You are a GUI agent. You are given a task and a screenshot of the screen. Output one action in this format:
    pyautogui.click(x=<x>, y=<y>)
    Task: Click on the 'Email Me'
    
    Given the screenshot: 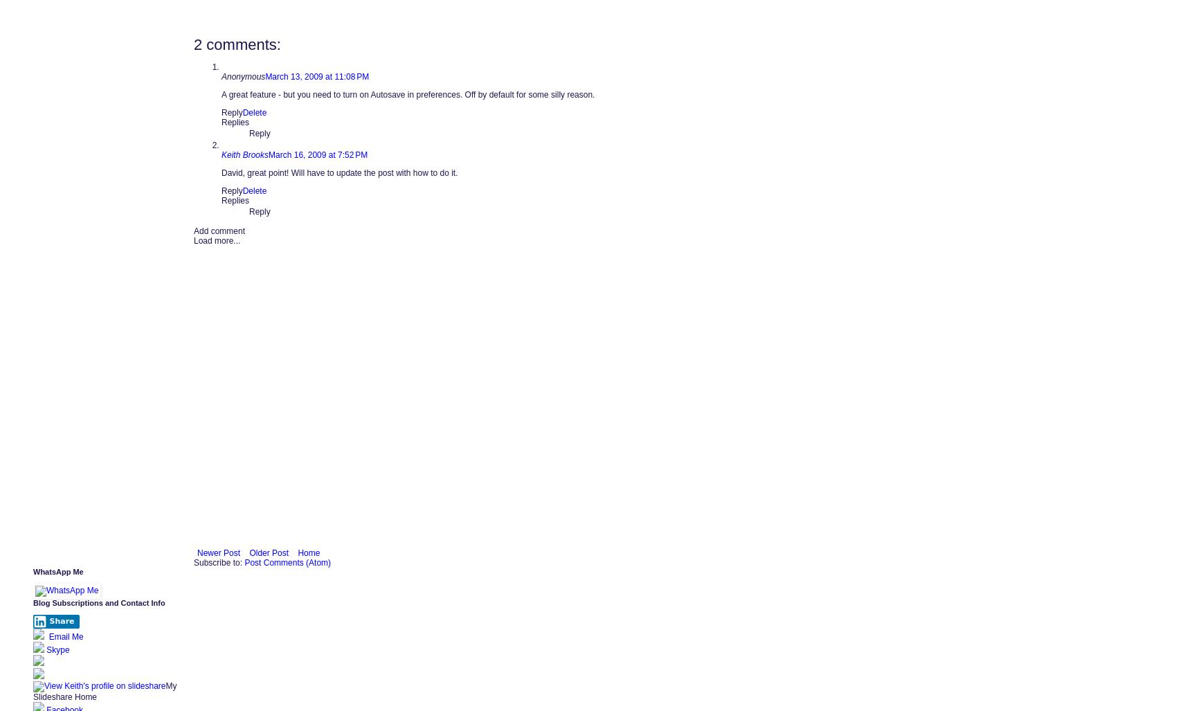 What is the action you would take?
    pyautogui.click(x=45, y=636)
    